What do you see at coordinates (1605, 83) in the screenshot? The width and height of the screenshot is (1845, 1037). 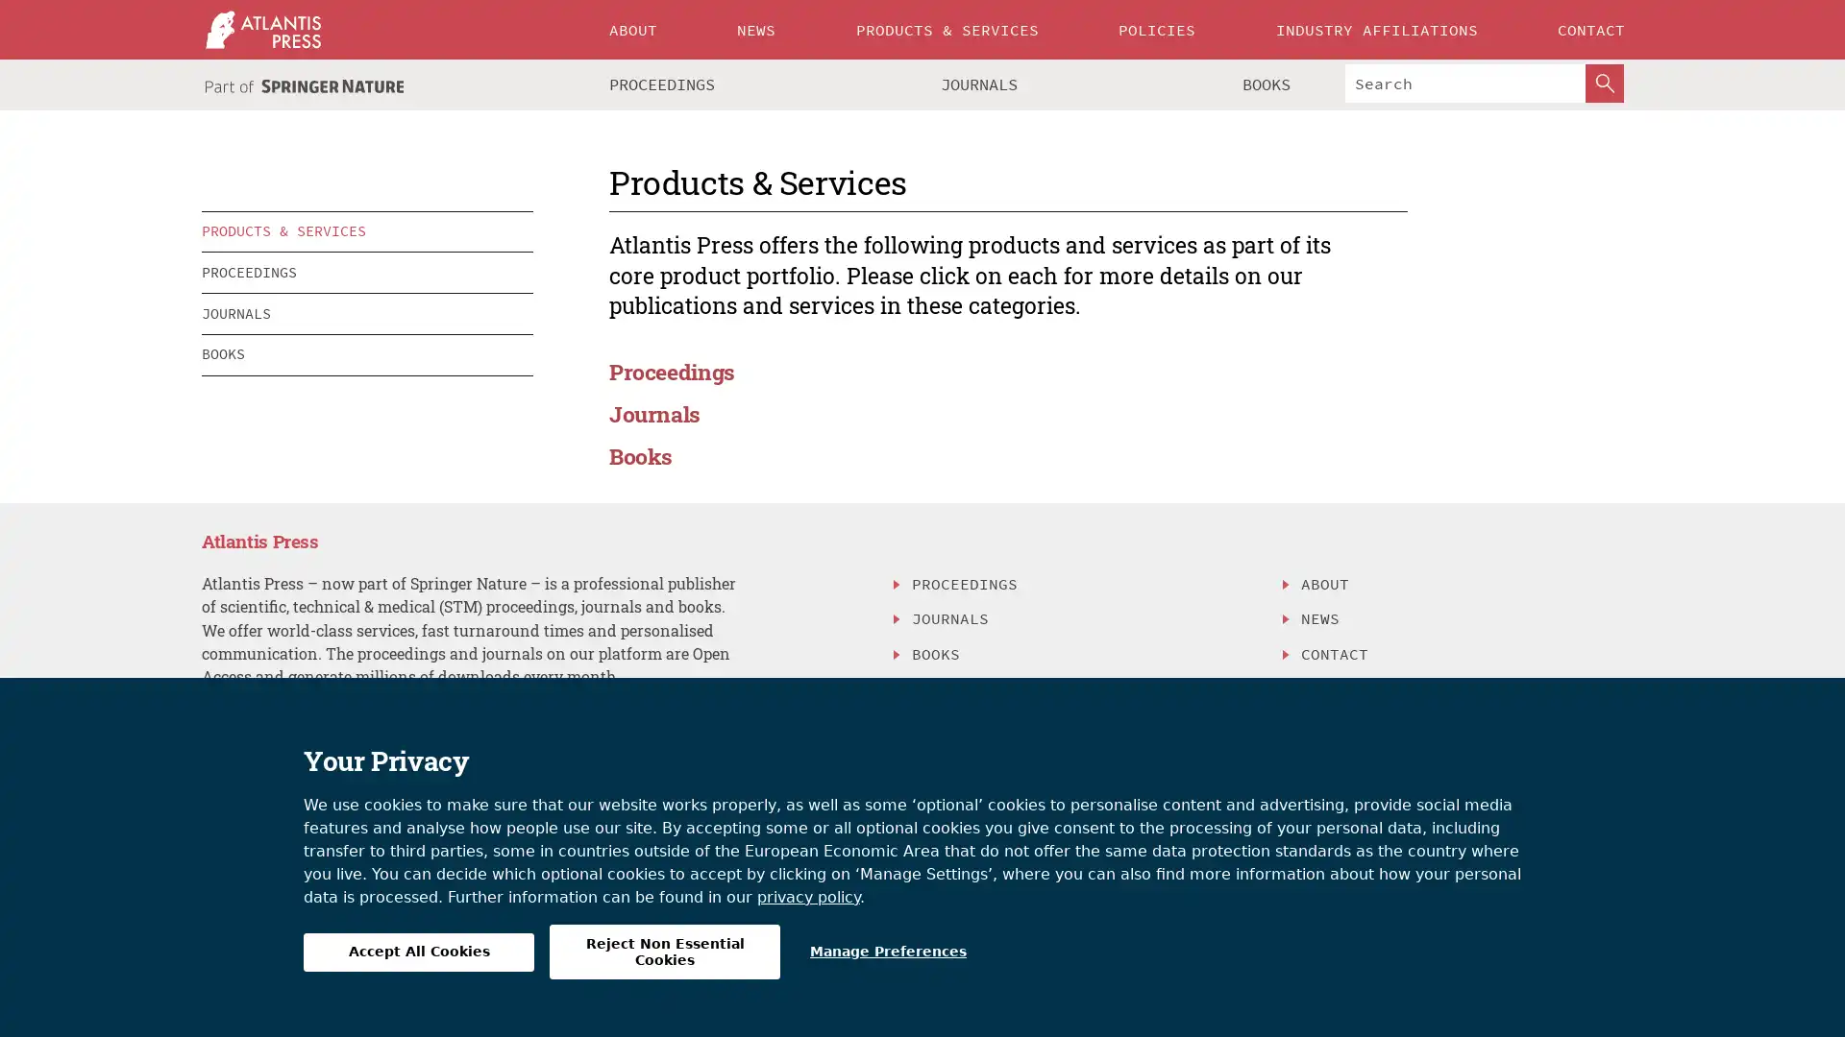 I see `SearchButton` at bounding box center [1605, 83].